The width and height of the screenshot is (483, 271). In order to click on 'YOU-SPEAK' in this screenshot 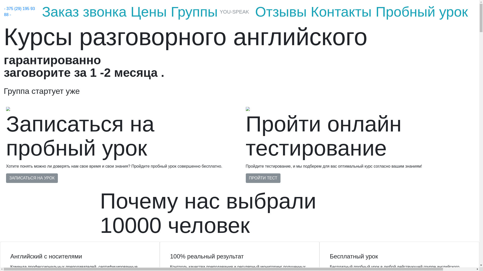, I will do `click(220, 11)`.